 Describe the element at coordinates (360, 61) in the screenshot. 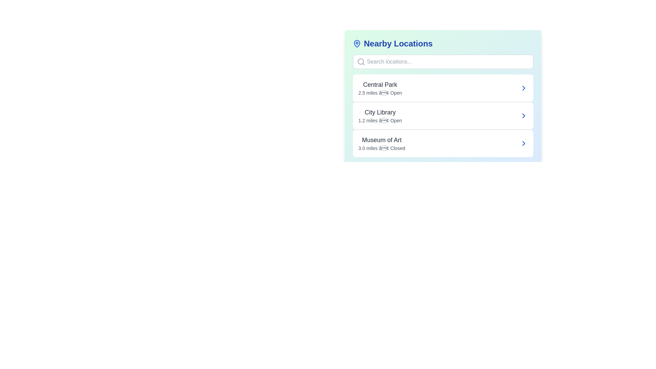

I see `the inner circular part of the magnifying glass icon located in the search bar near the top left corner of the 'Nearby Locations' panel` at that location.